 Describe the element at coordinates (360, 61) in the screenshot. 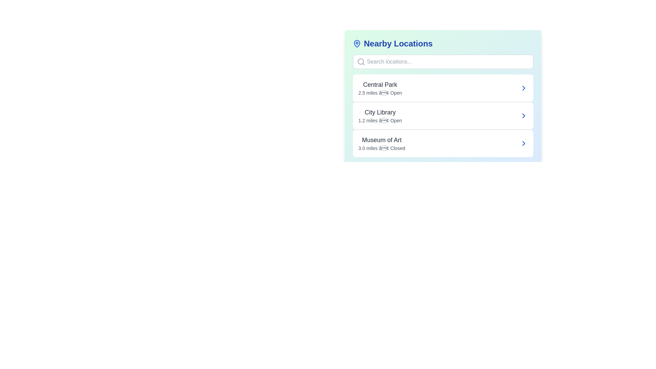

I see `the inner circular part of the magnifying glass icon located in the search bar near the top left corner of the 'Nearby Locations' panel` at that location.